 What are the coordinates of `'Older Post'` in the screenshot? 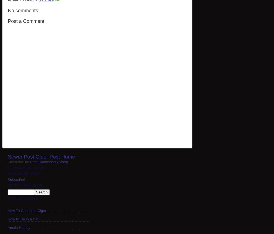 It's located at (35, 157).